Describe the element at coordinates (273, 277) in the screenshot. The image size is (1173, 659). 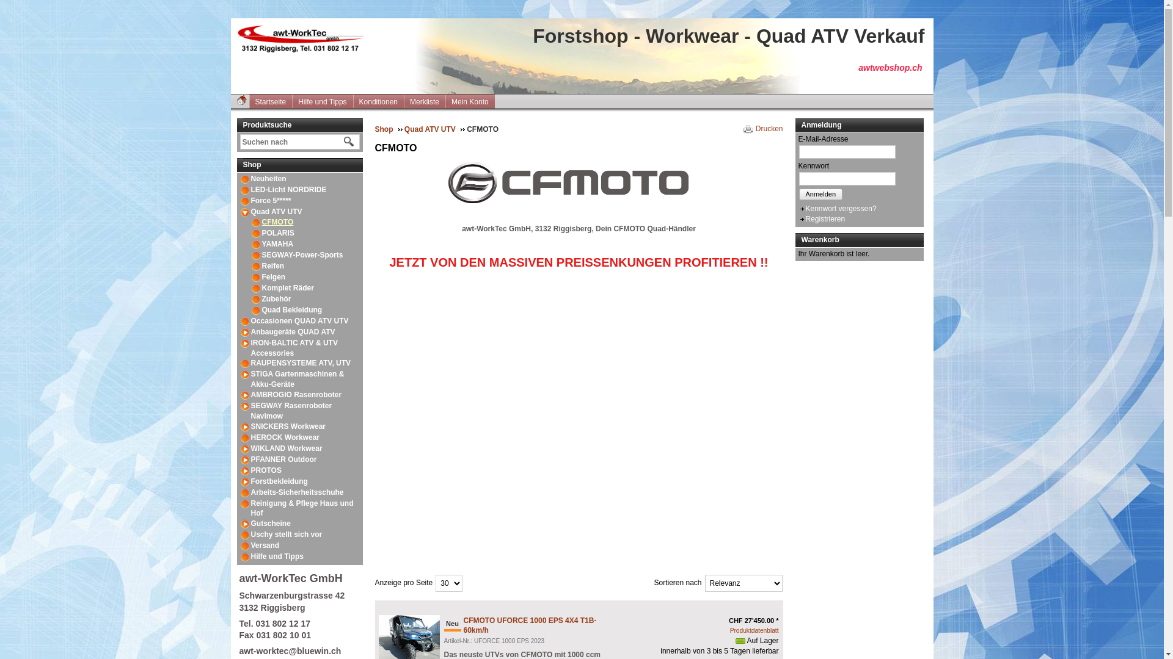
I see `'Felgen'` at that location.